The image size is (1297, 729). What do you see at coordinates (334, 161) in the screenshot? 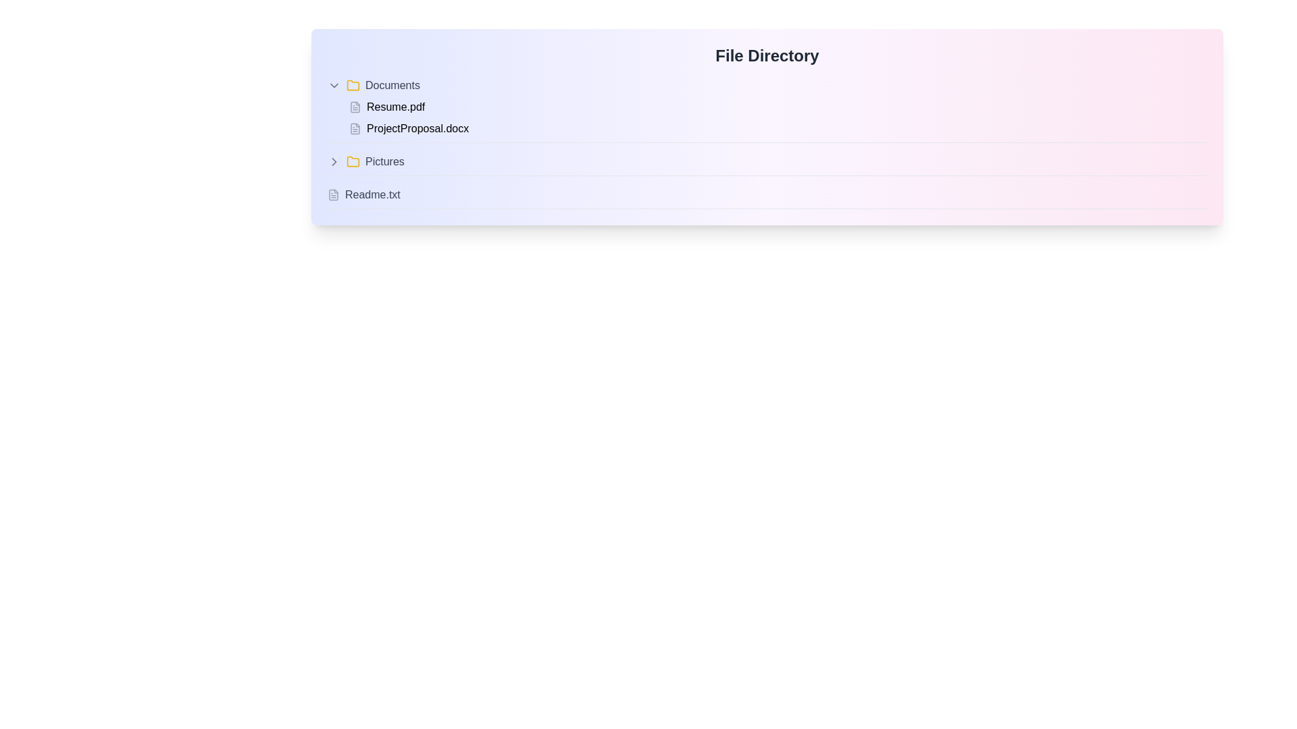
I see `the chevron icon` at bounding box center [334, 161].